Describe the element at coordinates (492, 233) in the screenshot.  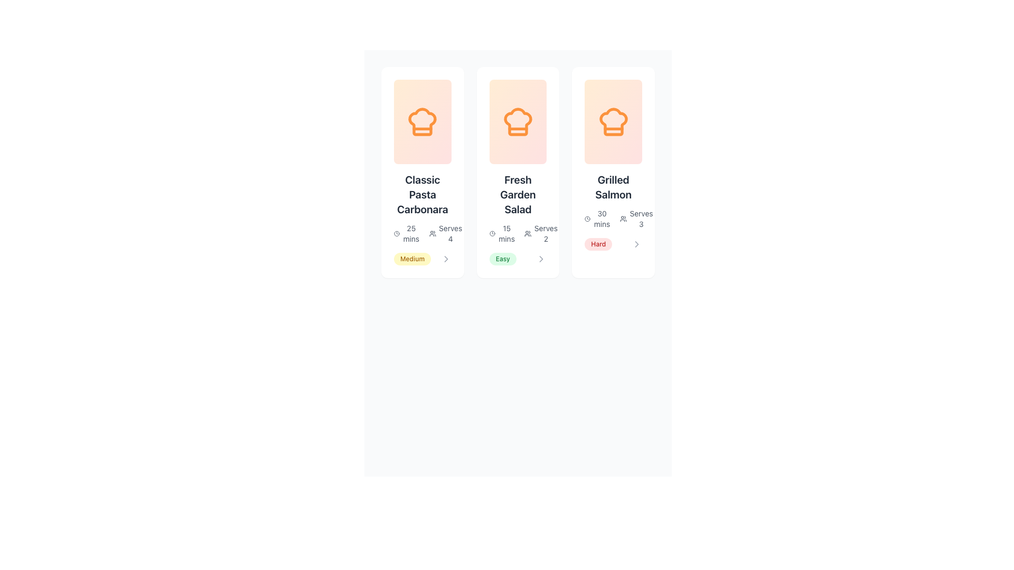
I see `the decorative circular vector graphic component that represents part of a clock design` at that location.